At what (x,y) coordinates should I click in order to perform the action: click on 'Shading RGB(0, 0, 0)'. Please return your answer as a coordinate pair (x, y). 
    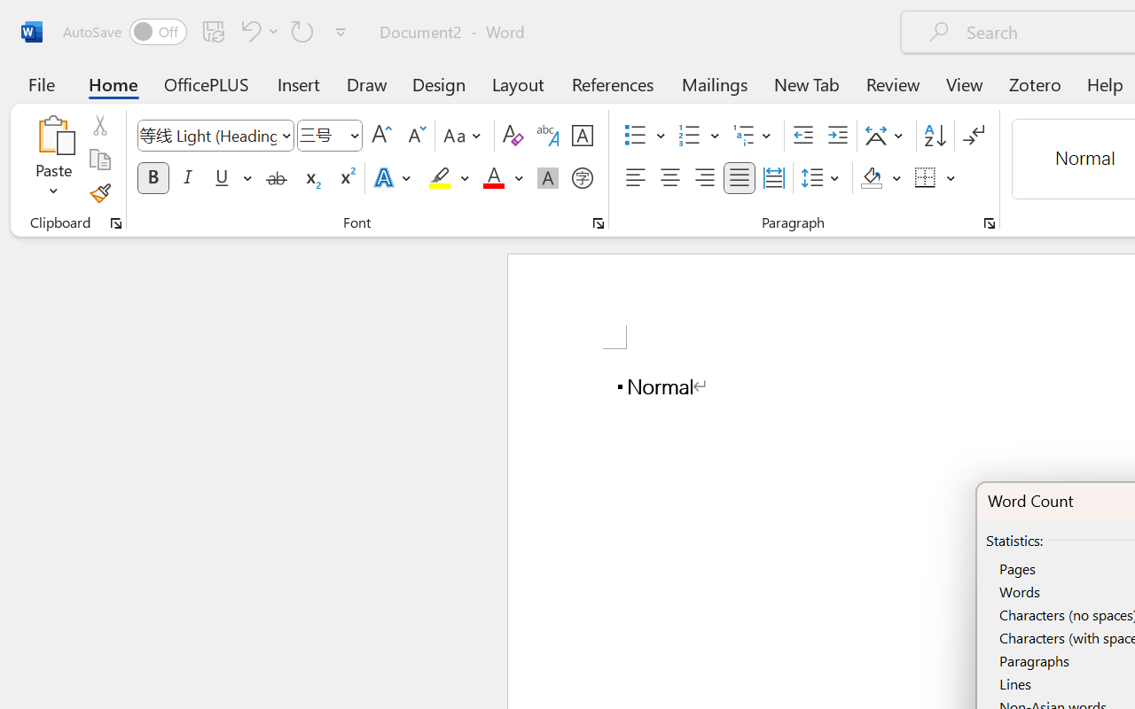
    Looking at the image, I should click on (872, 178).